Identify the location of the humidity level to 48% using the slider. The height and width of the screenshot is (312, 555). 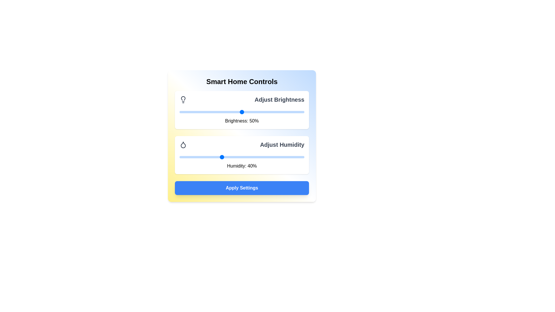
(238, 157).